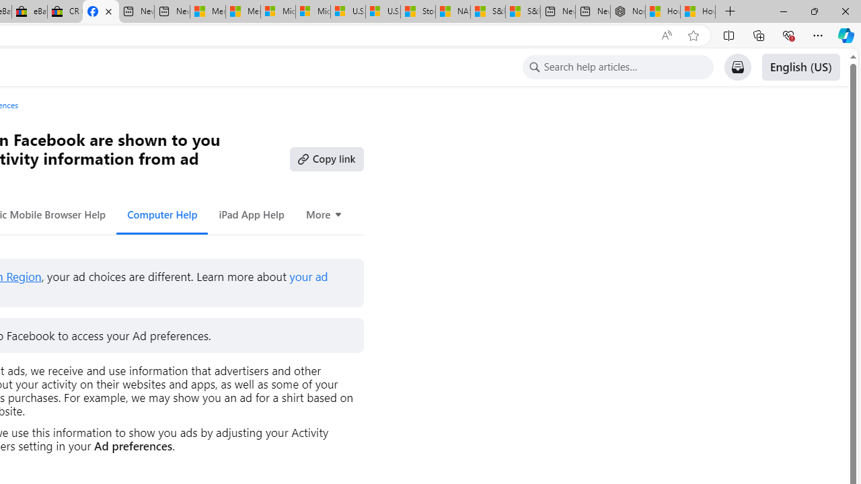  Describe the element at coordinates (533, 67) in the screenshot. I see `'Class: x19dipnz x1lliihq x1tzjh5l x1k90msu x2h7rmj x1qfuztq'` at that location.